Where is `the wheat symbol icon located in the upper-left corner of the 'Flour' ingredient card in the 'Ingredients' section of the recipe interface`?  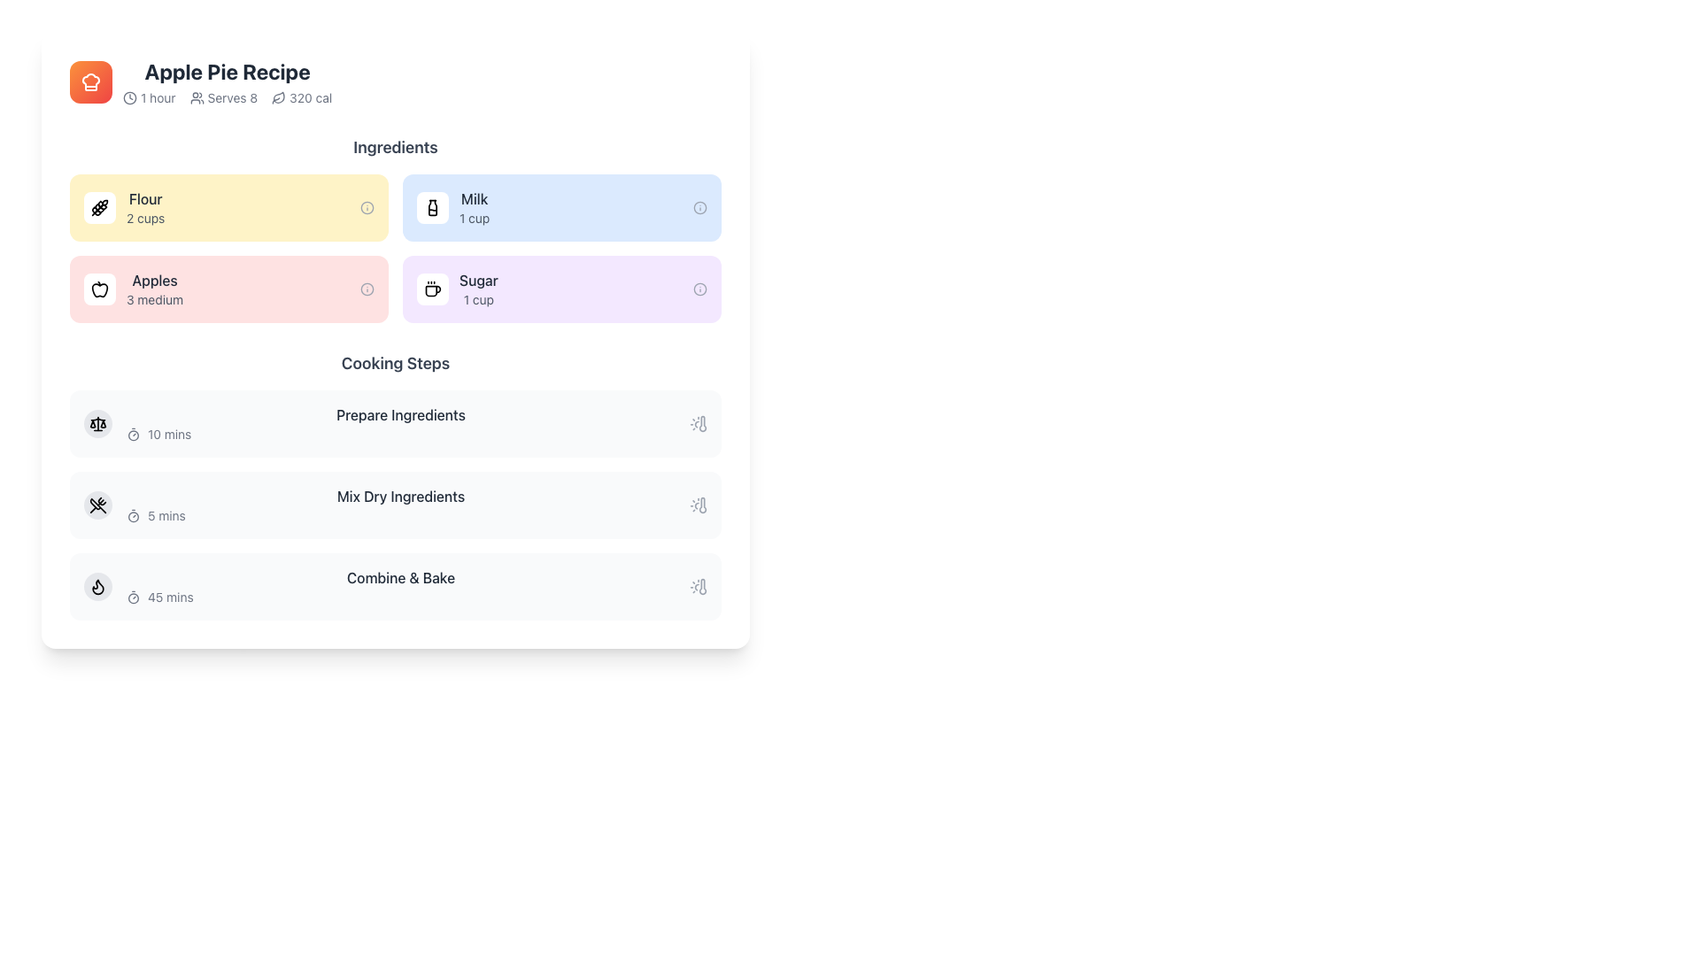 the wheat symbol icon located in the upper-left corner of the 'Flour' ingredient card in the 'Ingredients' section of the recipe interface is located at coordinates (99, 207).